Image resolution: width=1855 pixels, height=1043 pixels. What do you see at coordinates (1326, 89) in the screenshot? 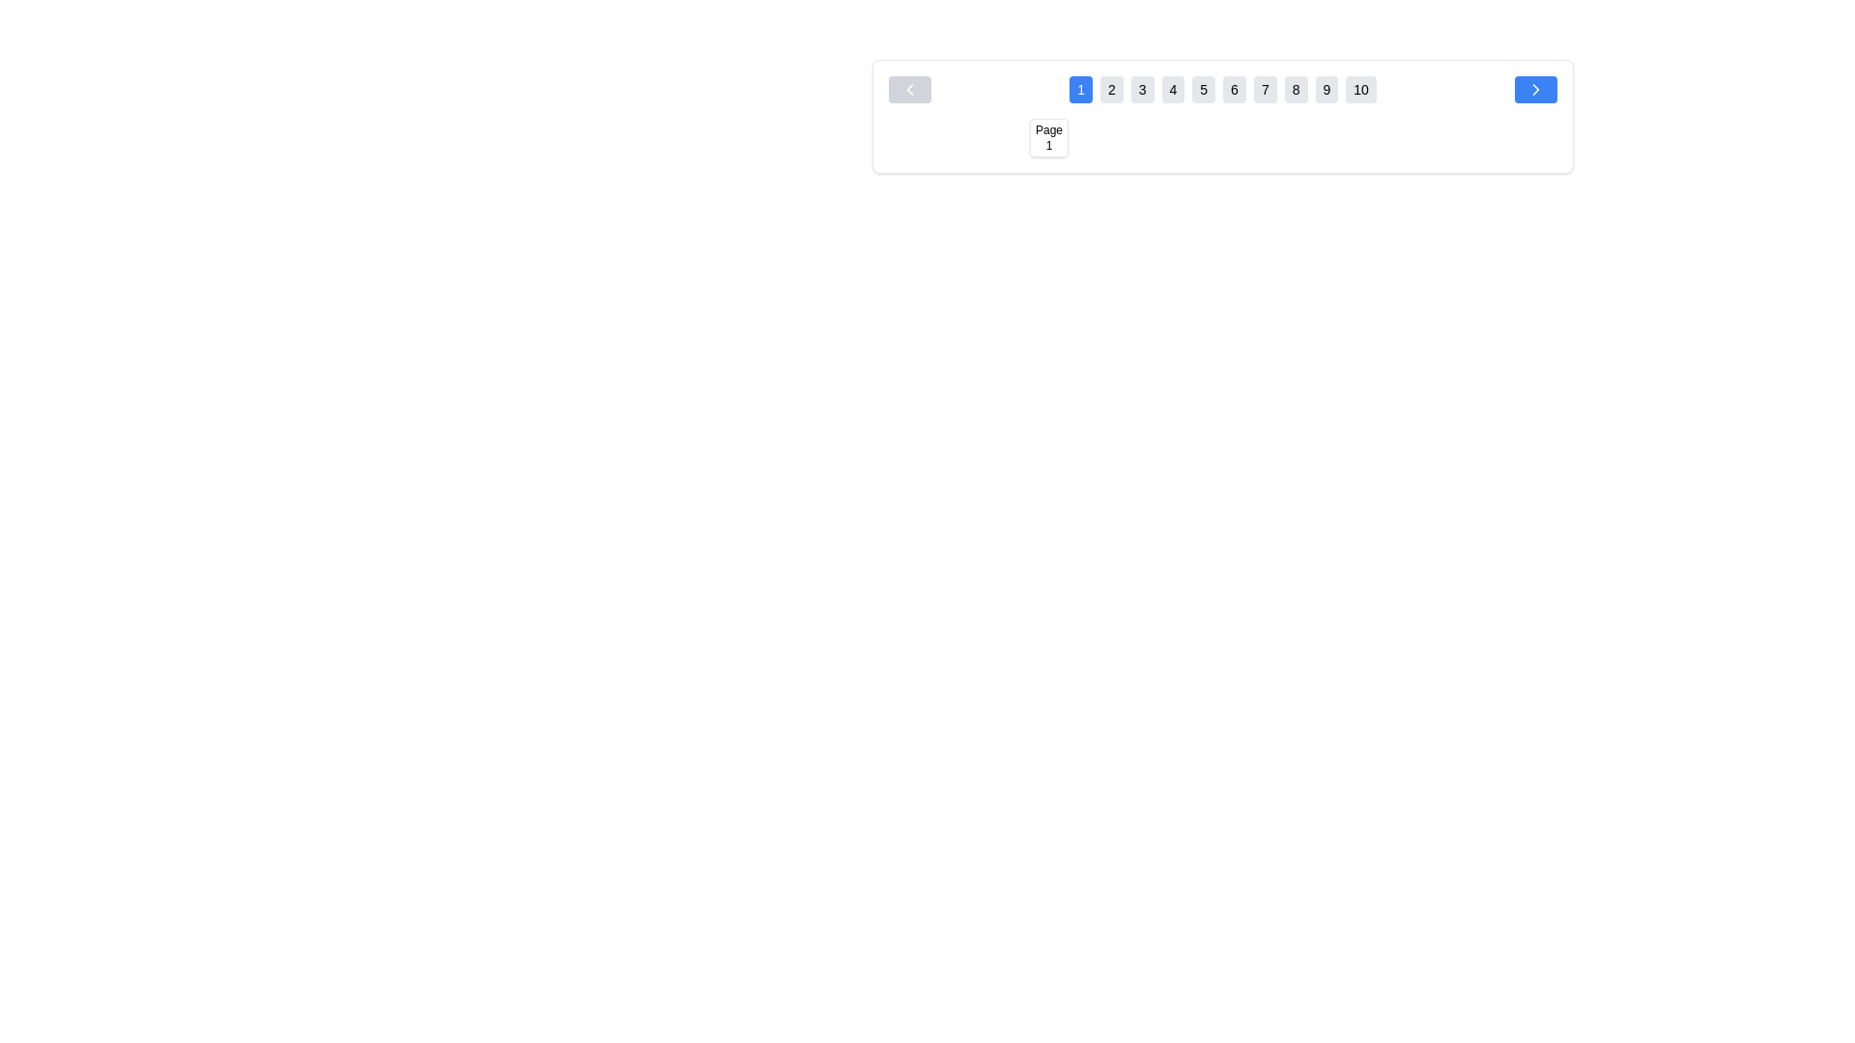
I see `the button labeled '9' in the pagination control` at bounding box center [1326, 89].